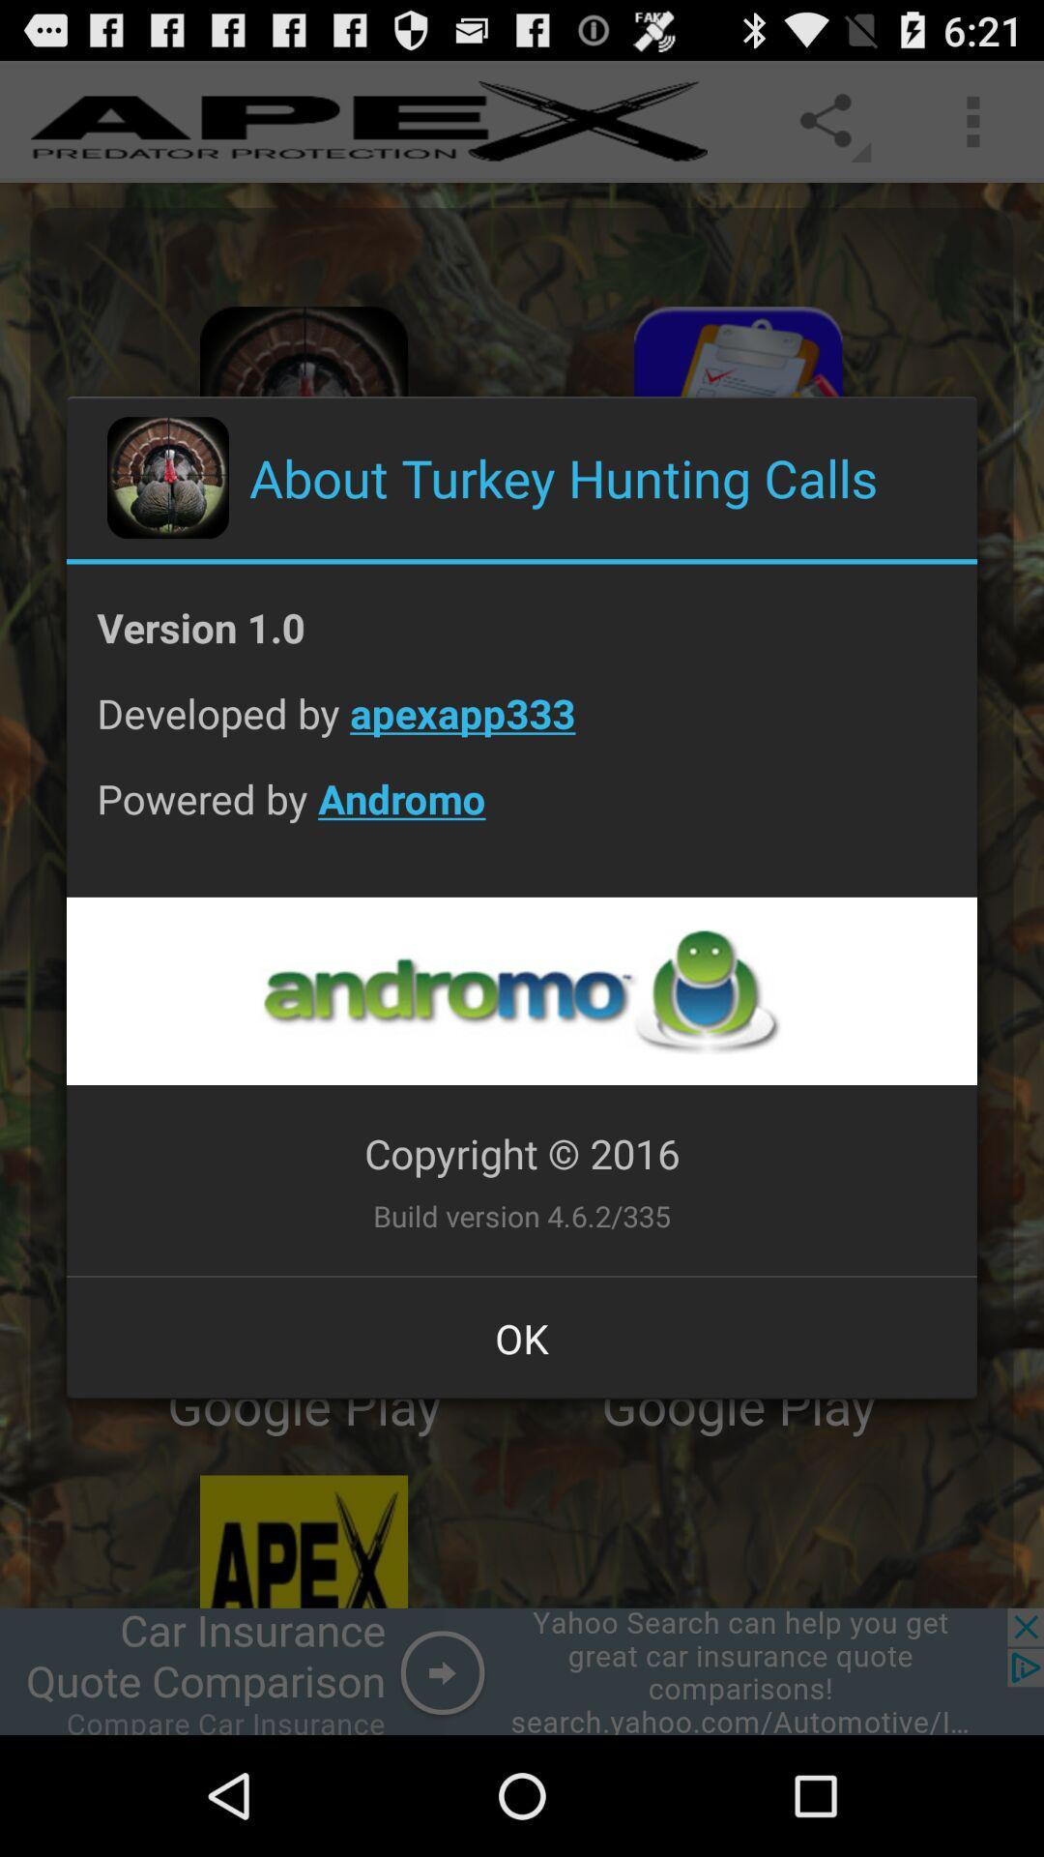 The width and height of the screenshot is (1044, 1857). Describe the element at coordinates (522, 813) in the screenshot. I see `the app below the developed by apexapp333 item` at that location.